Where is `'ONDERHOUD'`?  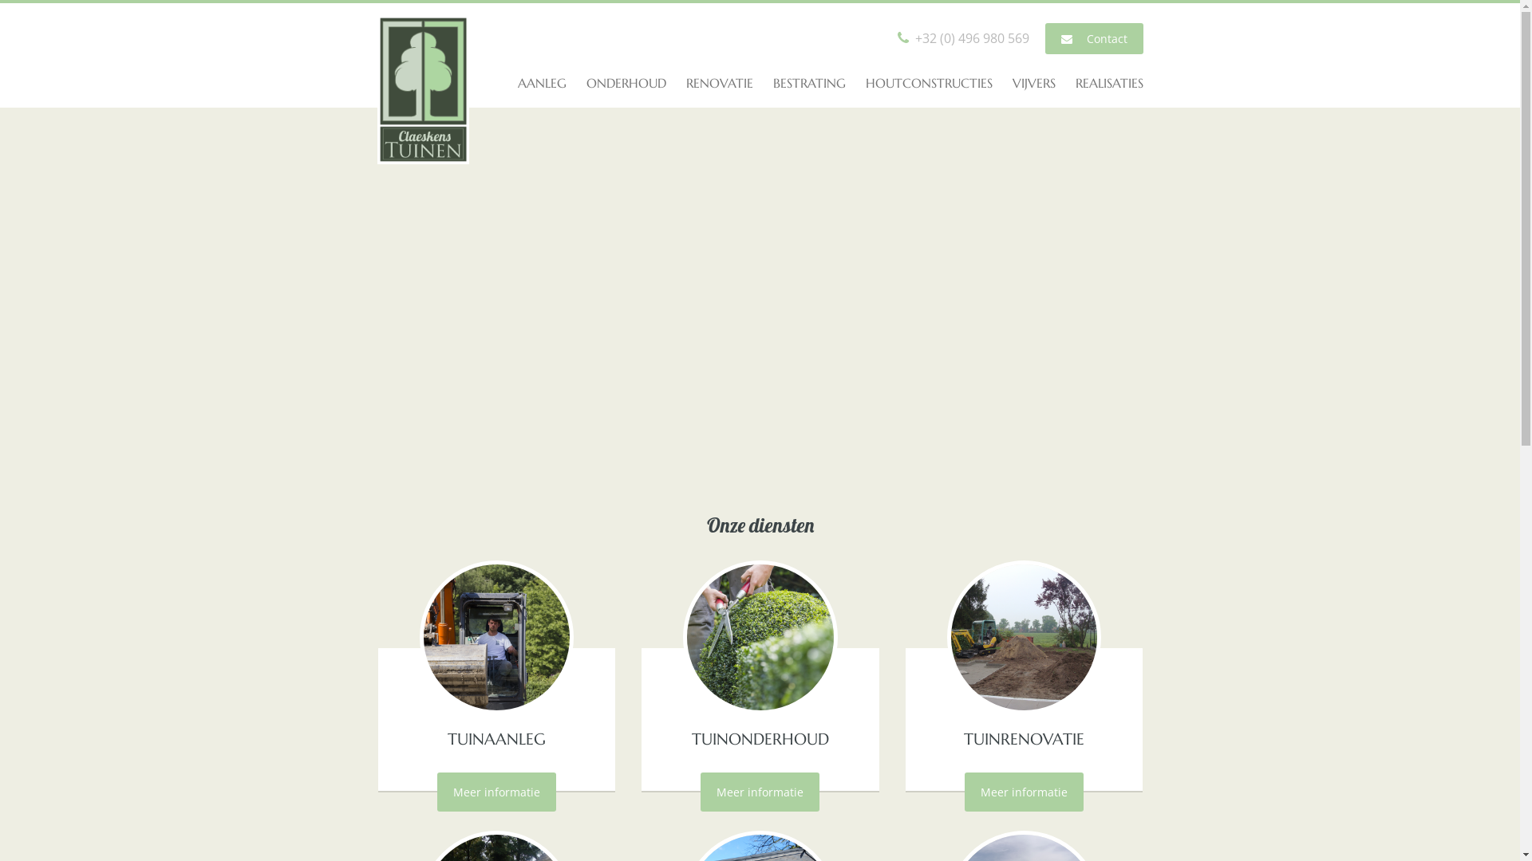
'ONDERHOUD' is located at coordinates (624, 83).